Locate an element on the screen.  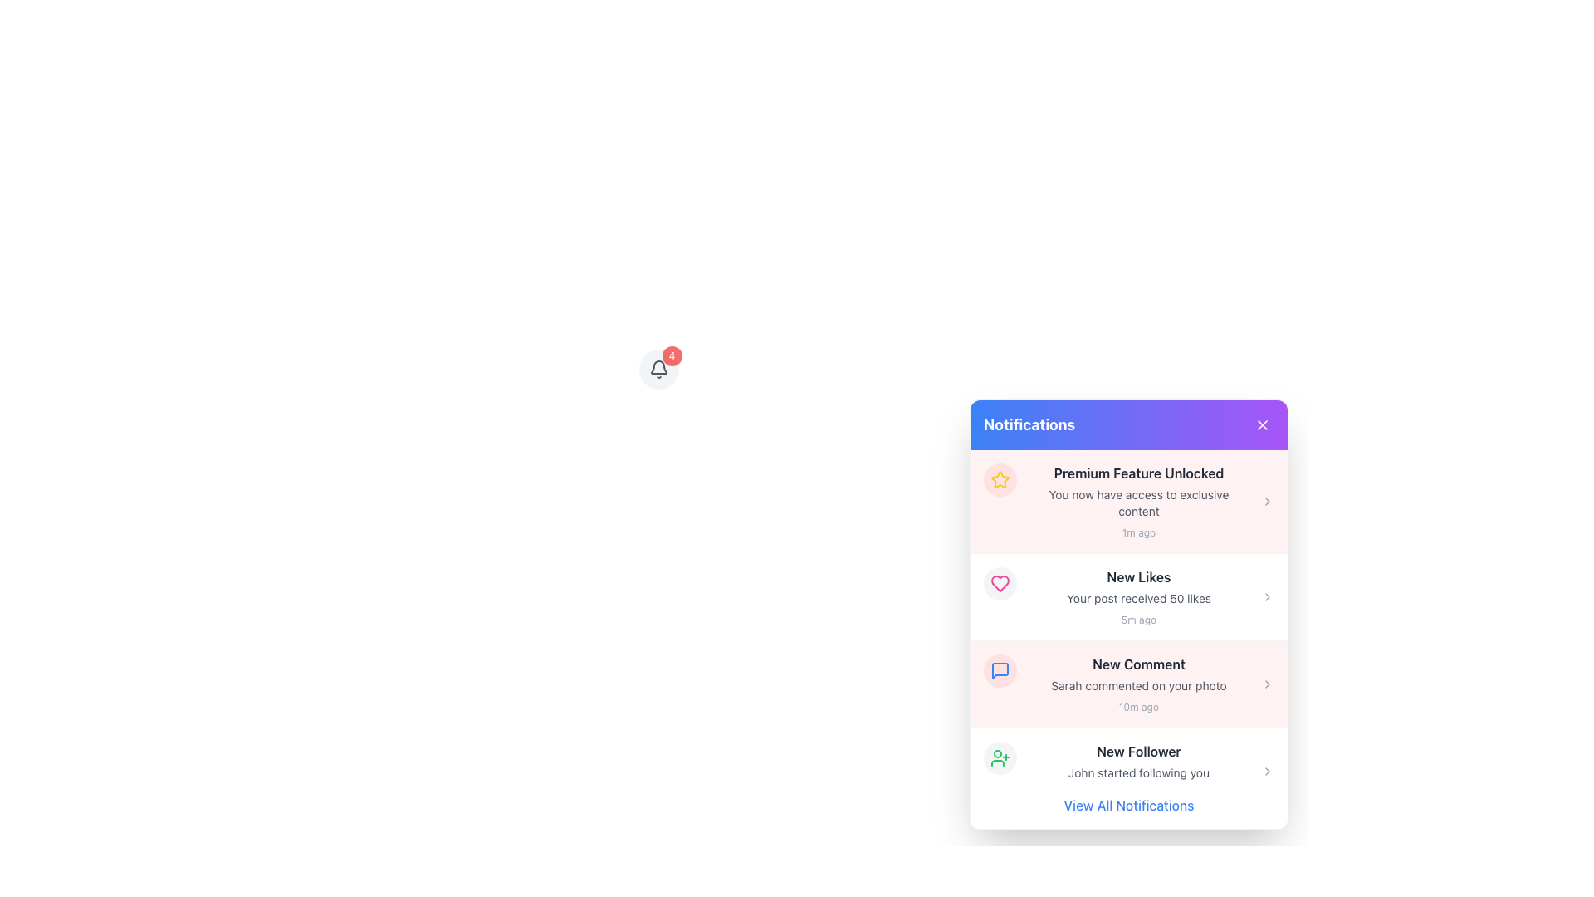
the Notification list item indicating that Sarah has commented on the user's photo, which is the third item in the notification panel is located at coordinates (1128, 684).